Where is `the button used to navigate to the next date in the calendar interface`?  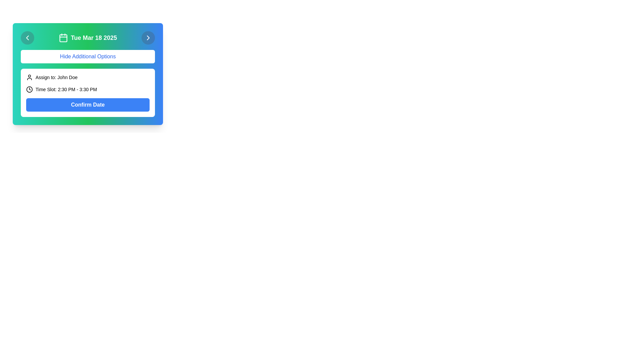 the button used to navigate to the next date in the calendar interface is located at coordinates (148, 38).